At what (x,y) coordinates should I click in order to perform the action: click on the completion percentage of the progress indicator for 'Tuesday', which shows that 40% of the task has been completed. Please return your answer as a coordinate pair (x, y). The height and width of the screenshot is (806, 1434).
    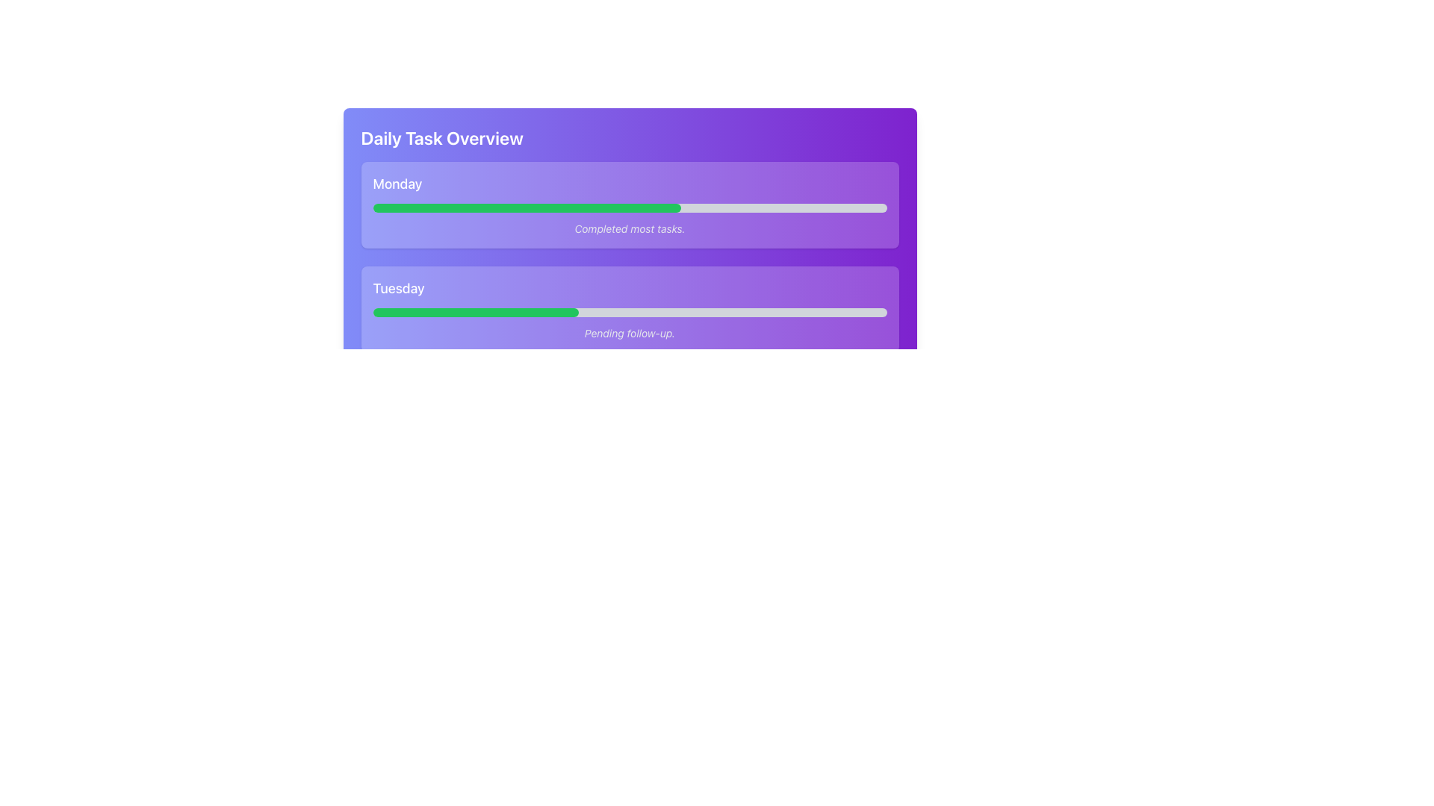
    Looking at the image, I should click on (475, 312).